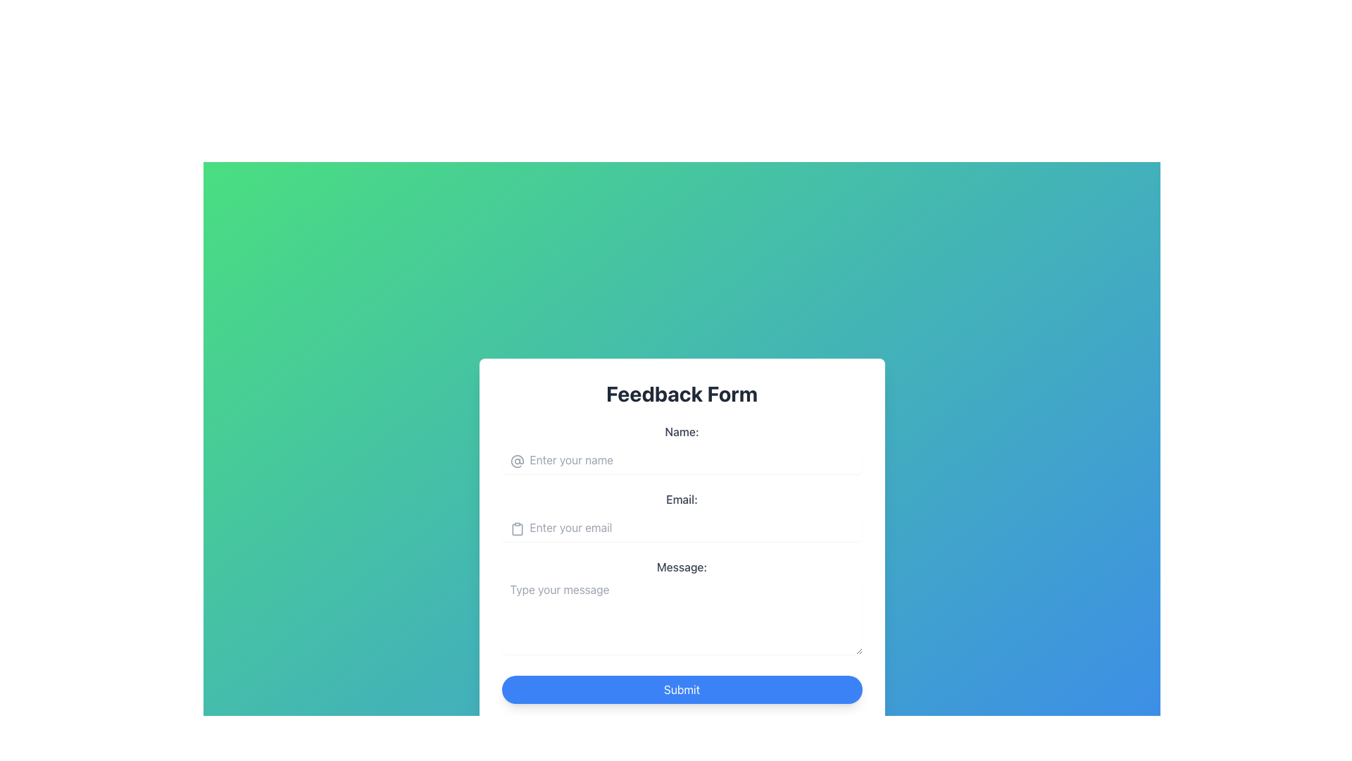 Image resolution: width=1352 pixels, height=761 pixels. Describe the element at coordinates (682, 689) in the screenshot. I see `the 'Submit' button with rounded edges, blue background, and white text` at that location.